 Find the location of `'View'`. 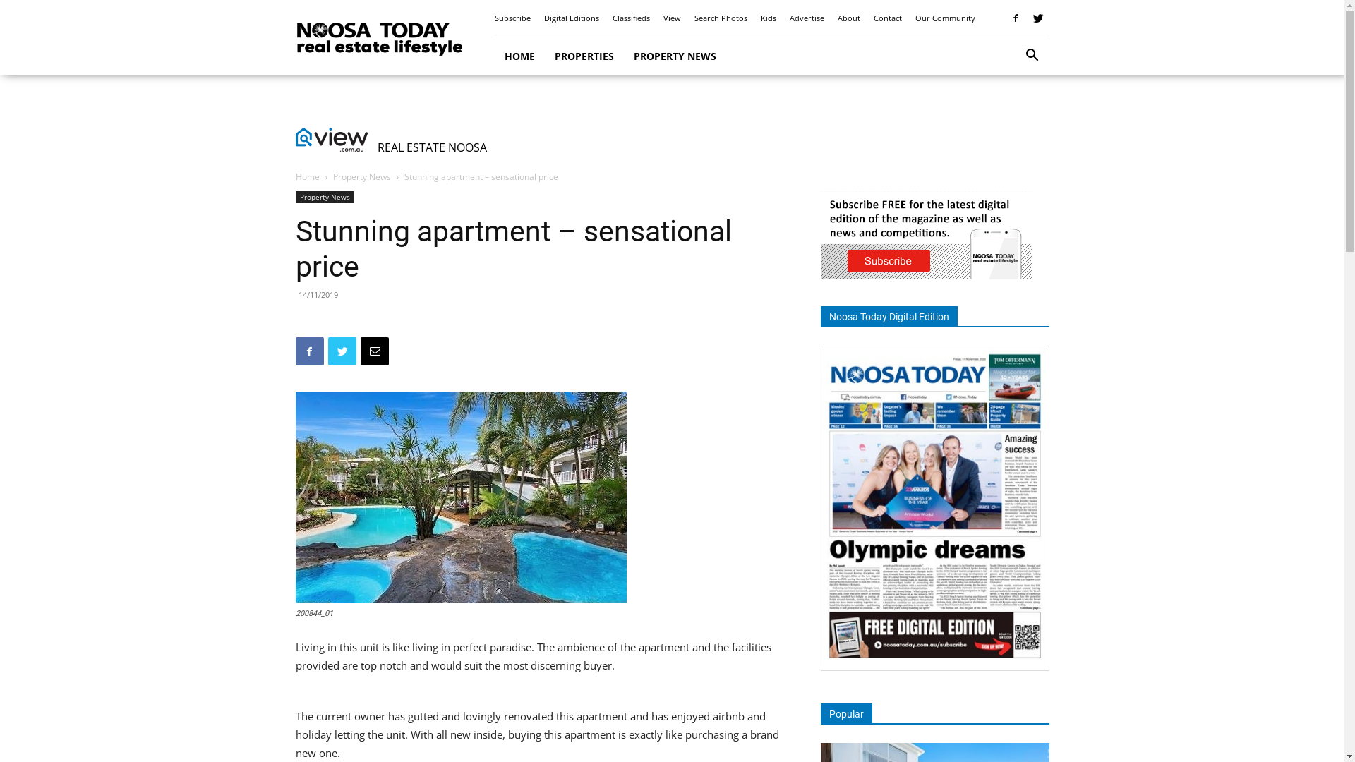

'View' is located at coordinates (671, 18).